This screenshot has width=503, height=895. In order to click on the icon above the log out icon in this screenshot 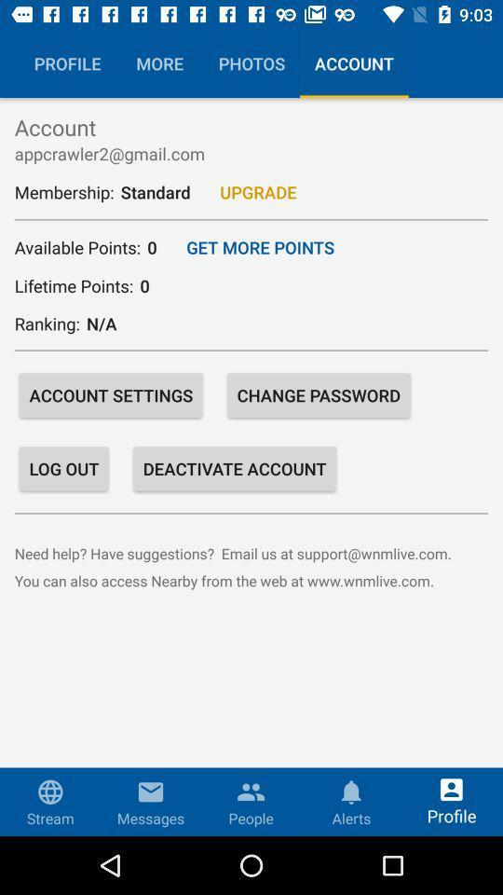, I will do `click(111, 395)`.